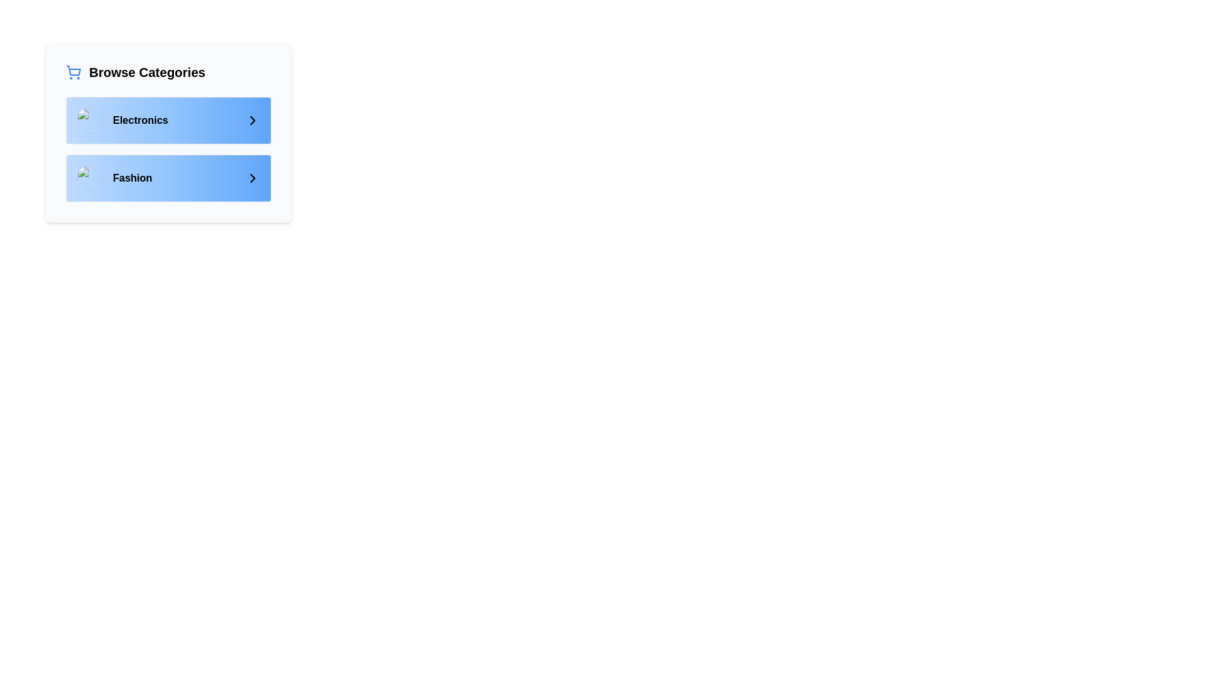 The height and width of the screenshot is (693, 1232). What do you see at coordinates (252, 121) in the screenshot?
I see `the right-pointing chevron icon located in the 'Electronics' category under 'Browse Categories'` at bounding box center [252, 121].